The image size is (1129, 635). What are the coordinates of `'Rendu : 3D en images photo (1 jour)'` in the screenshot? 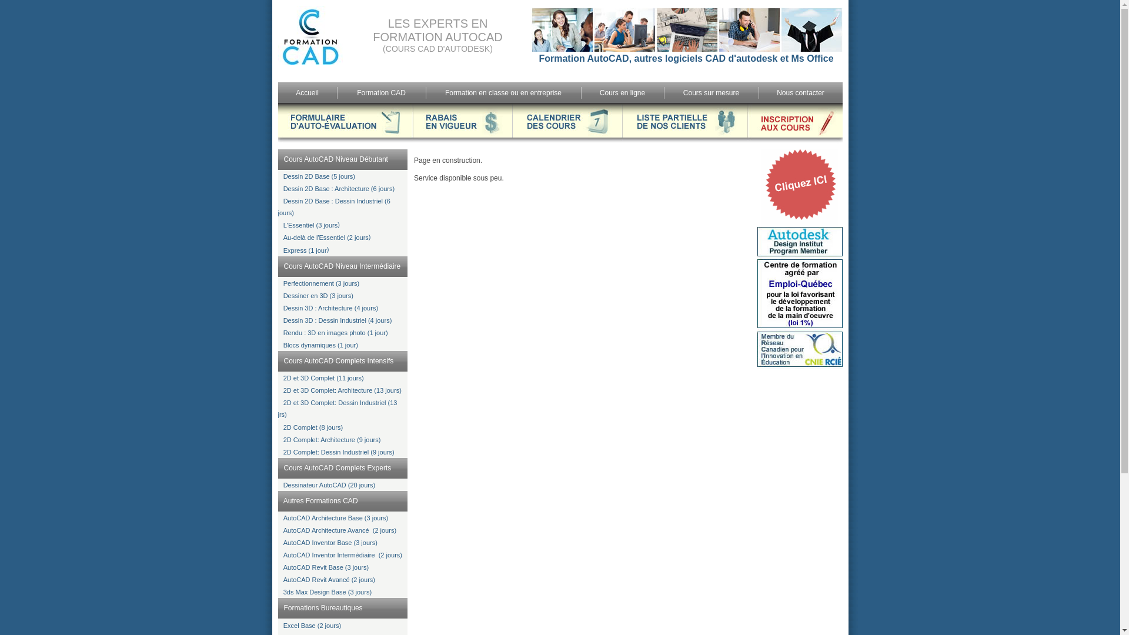 It's located at (283, 333).